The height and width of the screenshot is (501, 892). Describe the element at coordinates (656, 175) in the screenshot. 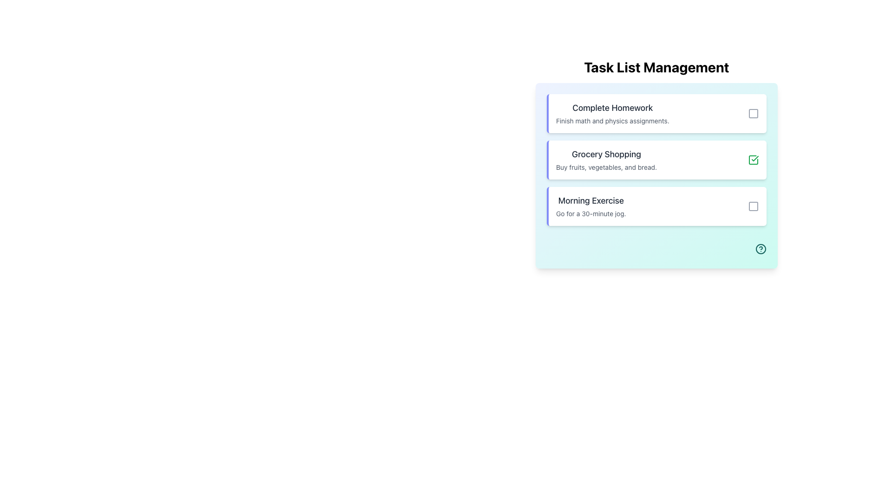

I see `the checkbox on the second task card ('Grocery Shopping') in the 'Task List Management' section to mark the task as completed` at that location.